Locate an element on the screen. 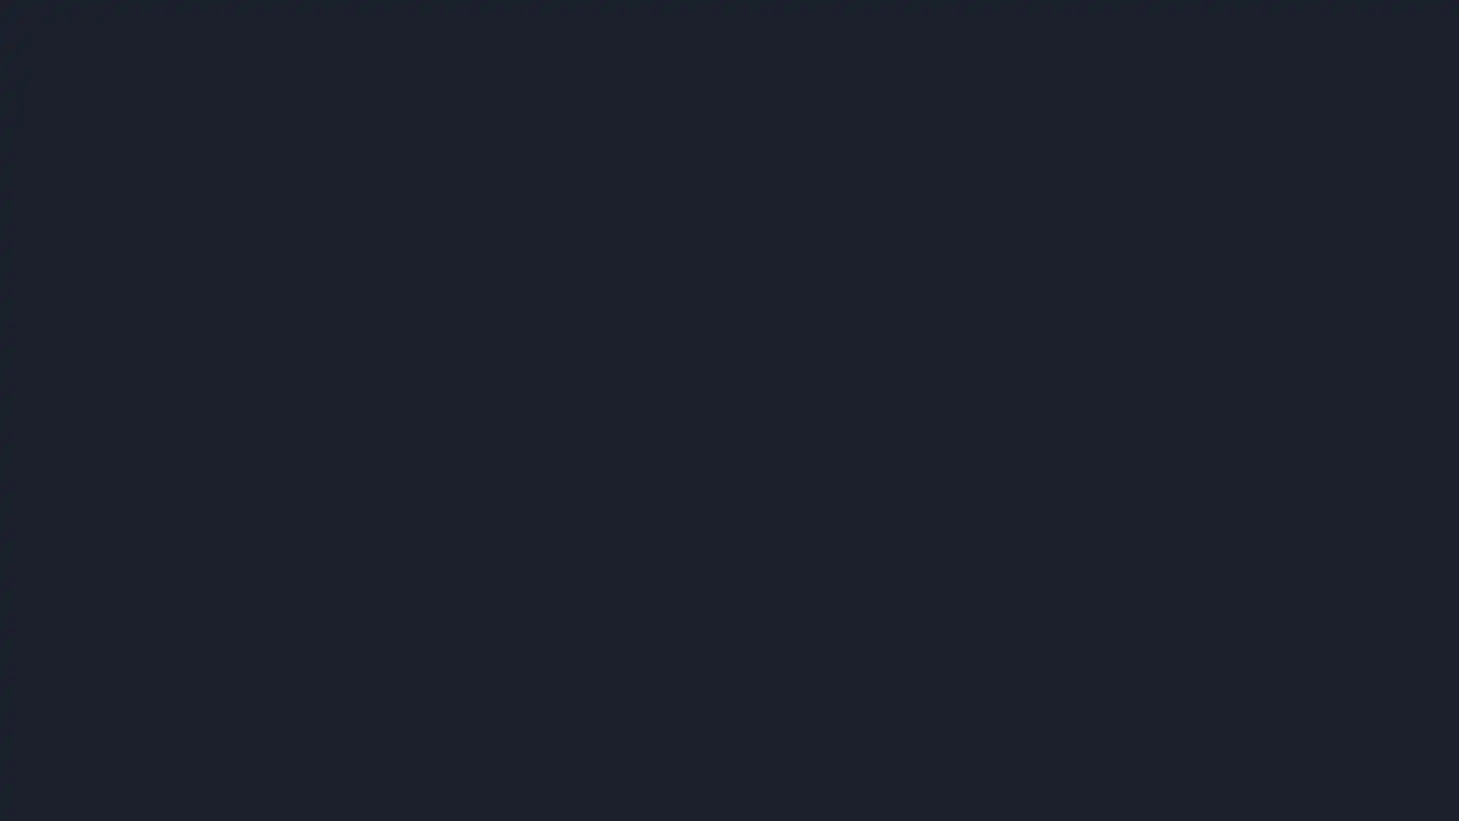 Image resolution: width=1459 pixels, height=821 pixels. About is located at coordinates (1415, 785).